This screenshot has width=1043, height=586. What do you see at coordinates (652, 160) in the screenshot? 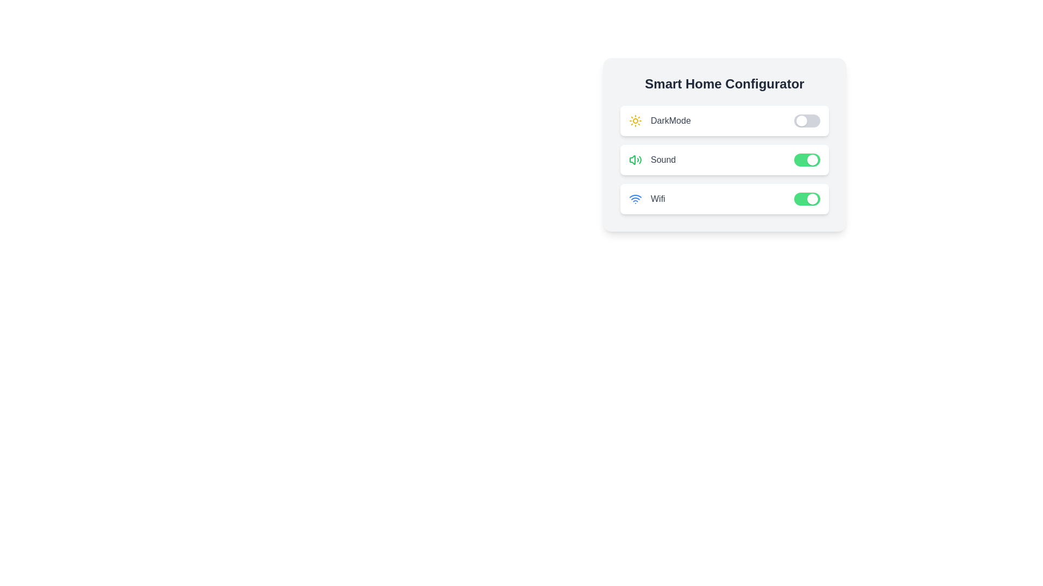
I see `the sound-related setting element` at bounding box center [652, 160].